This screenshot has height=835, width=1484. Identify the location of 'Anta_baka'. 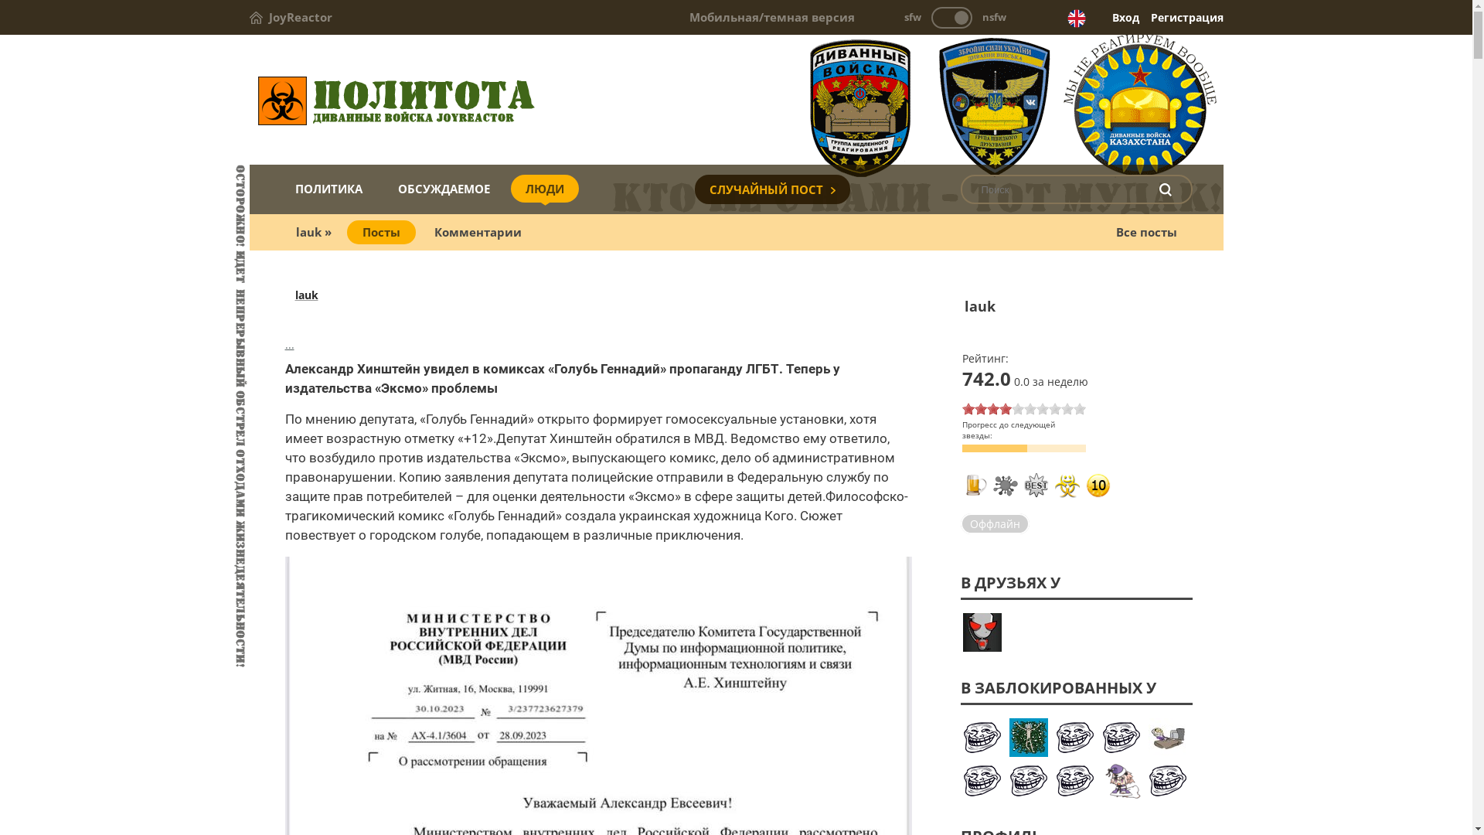
(982, 736).